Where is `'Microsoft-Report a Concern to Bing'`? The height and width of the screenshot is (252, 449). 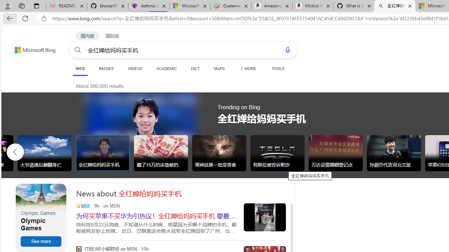
'Microsoft-Report a Concern to Bing' is located at coordinates (189, 6).